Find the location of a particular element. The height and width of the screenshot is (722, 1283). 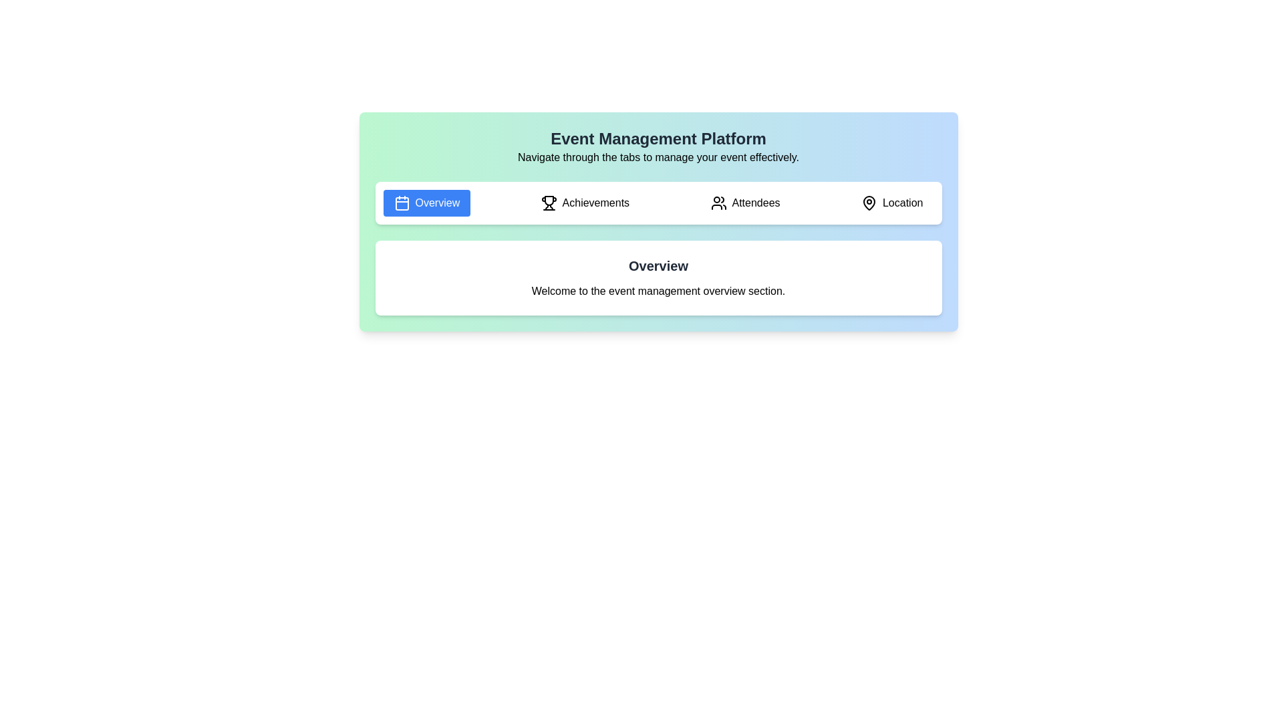

the map pin icon located within the 'Location' button in the horizontal navigation menu, which is the fourth button from the left is located at coordinates (869, 203).